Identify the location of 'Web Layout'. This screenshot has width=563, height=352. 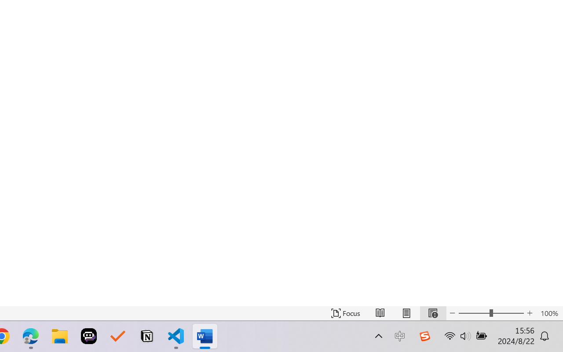
(433, 313).